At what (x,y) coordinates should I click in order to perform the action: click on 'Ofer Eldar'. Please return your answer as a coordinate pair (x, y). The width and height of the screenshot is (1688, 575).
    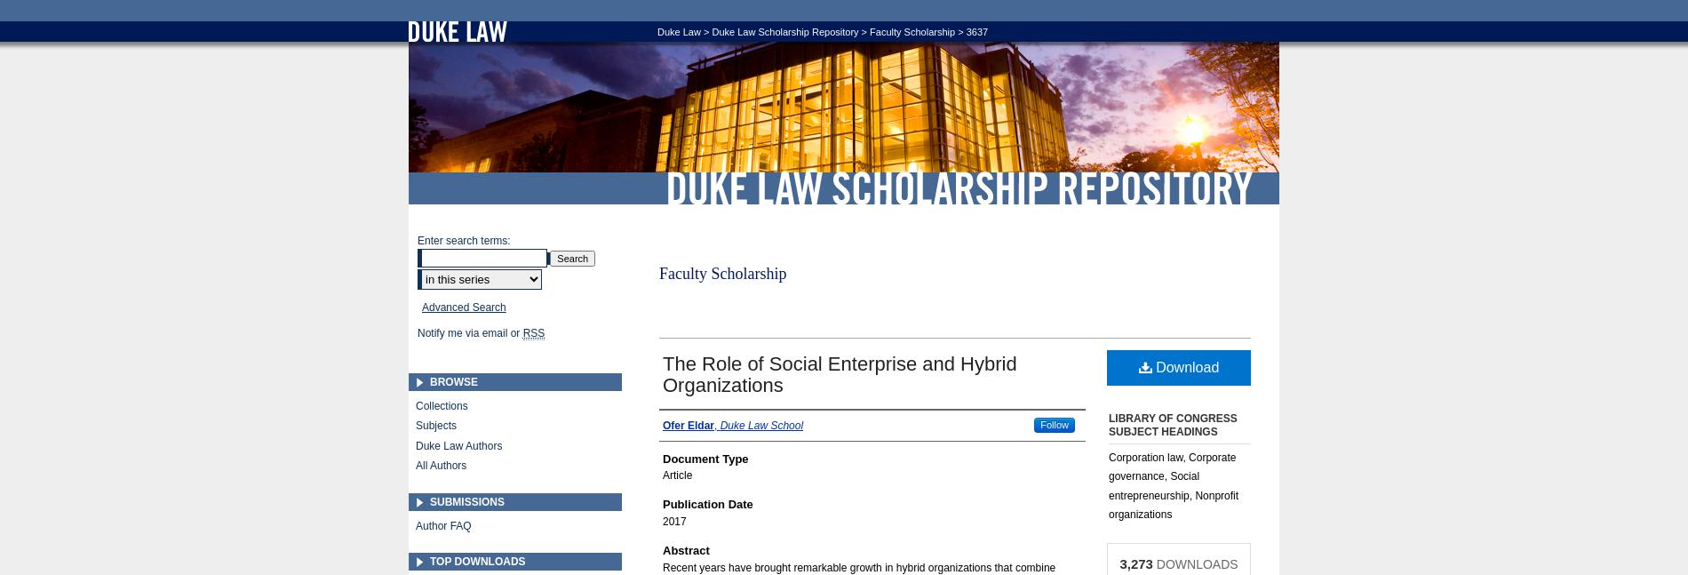
    Looking at the image, I should click on (688, 424).